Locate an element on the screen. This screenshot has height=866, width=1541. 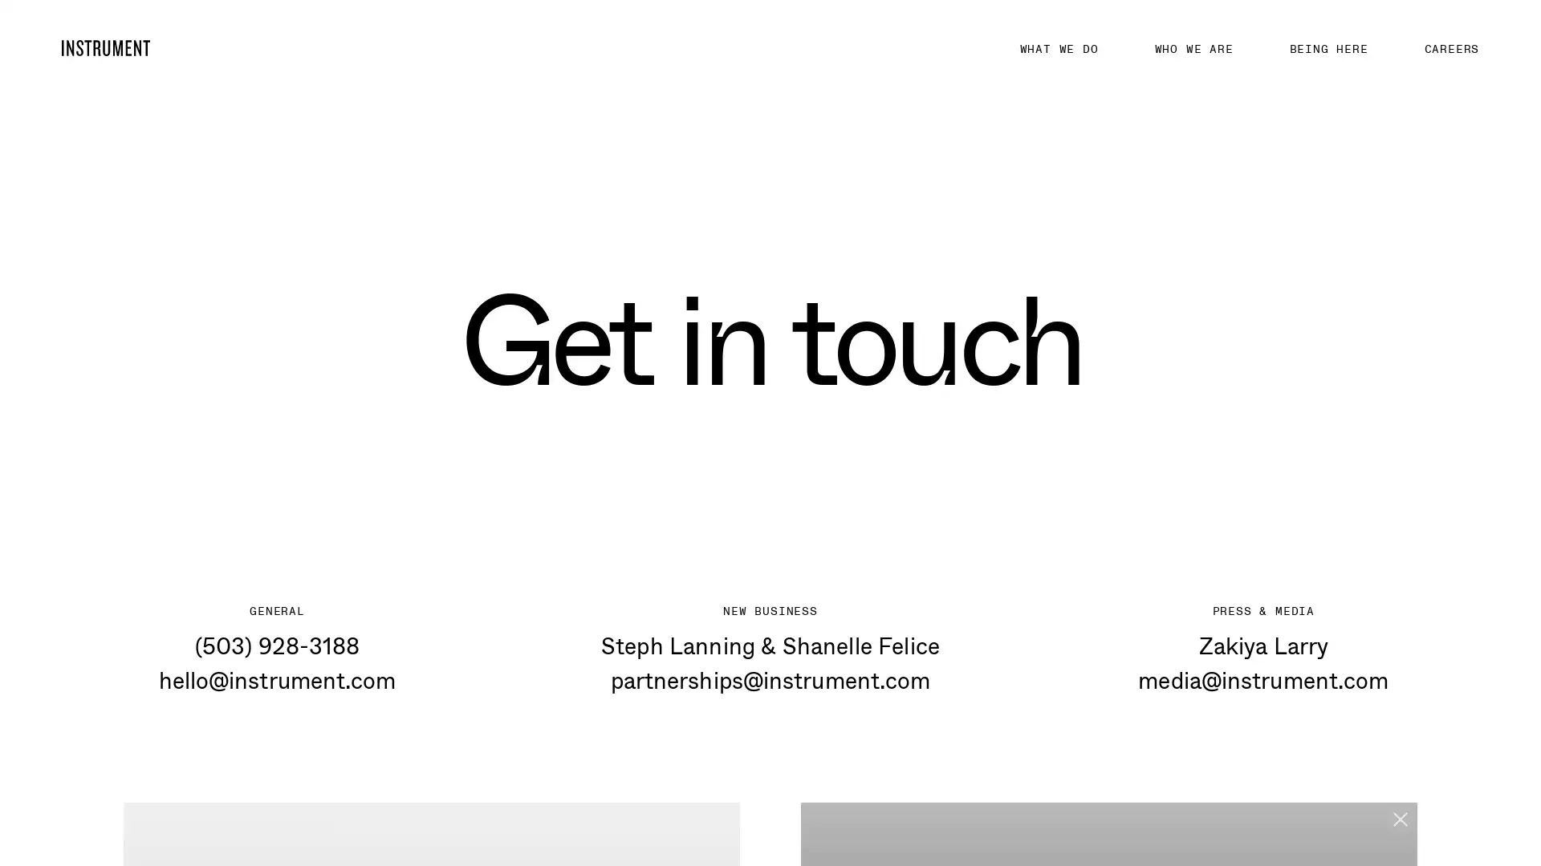
Play/pause inline video is located at coordinates (831, 802).